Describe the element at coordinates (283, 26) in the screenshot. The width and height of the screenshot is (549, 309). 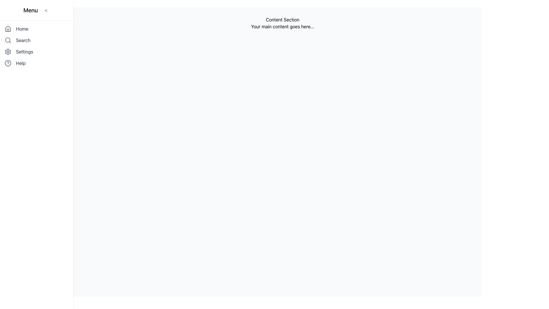
I see `the text label that displays 'Your main content goes here...' located below the heading 'Content Section'` at that location.